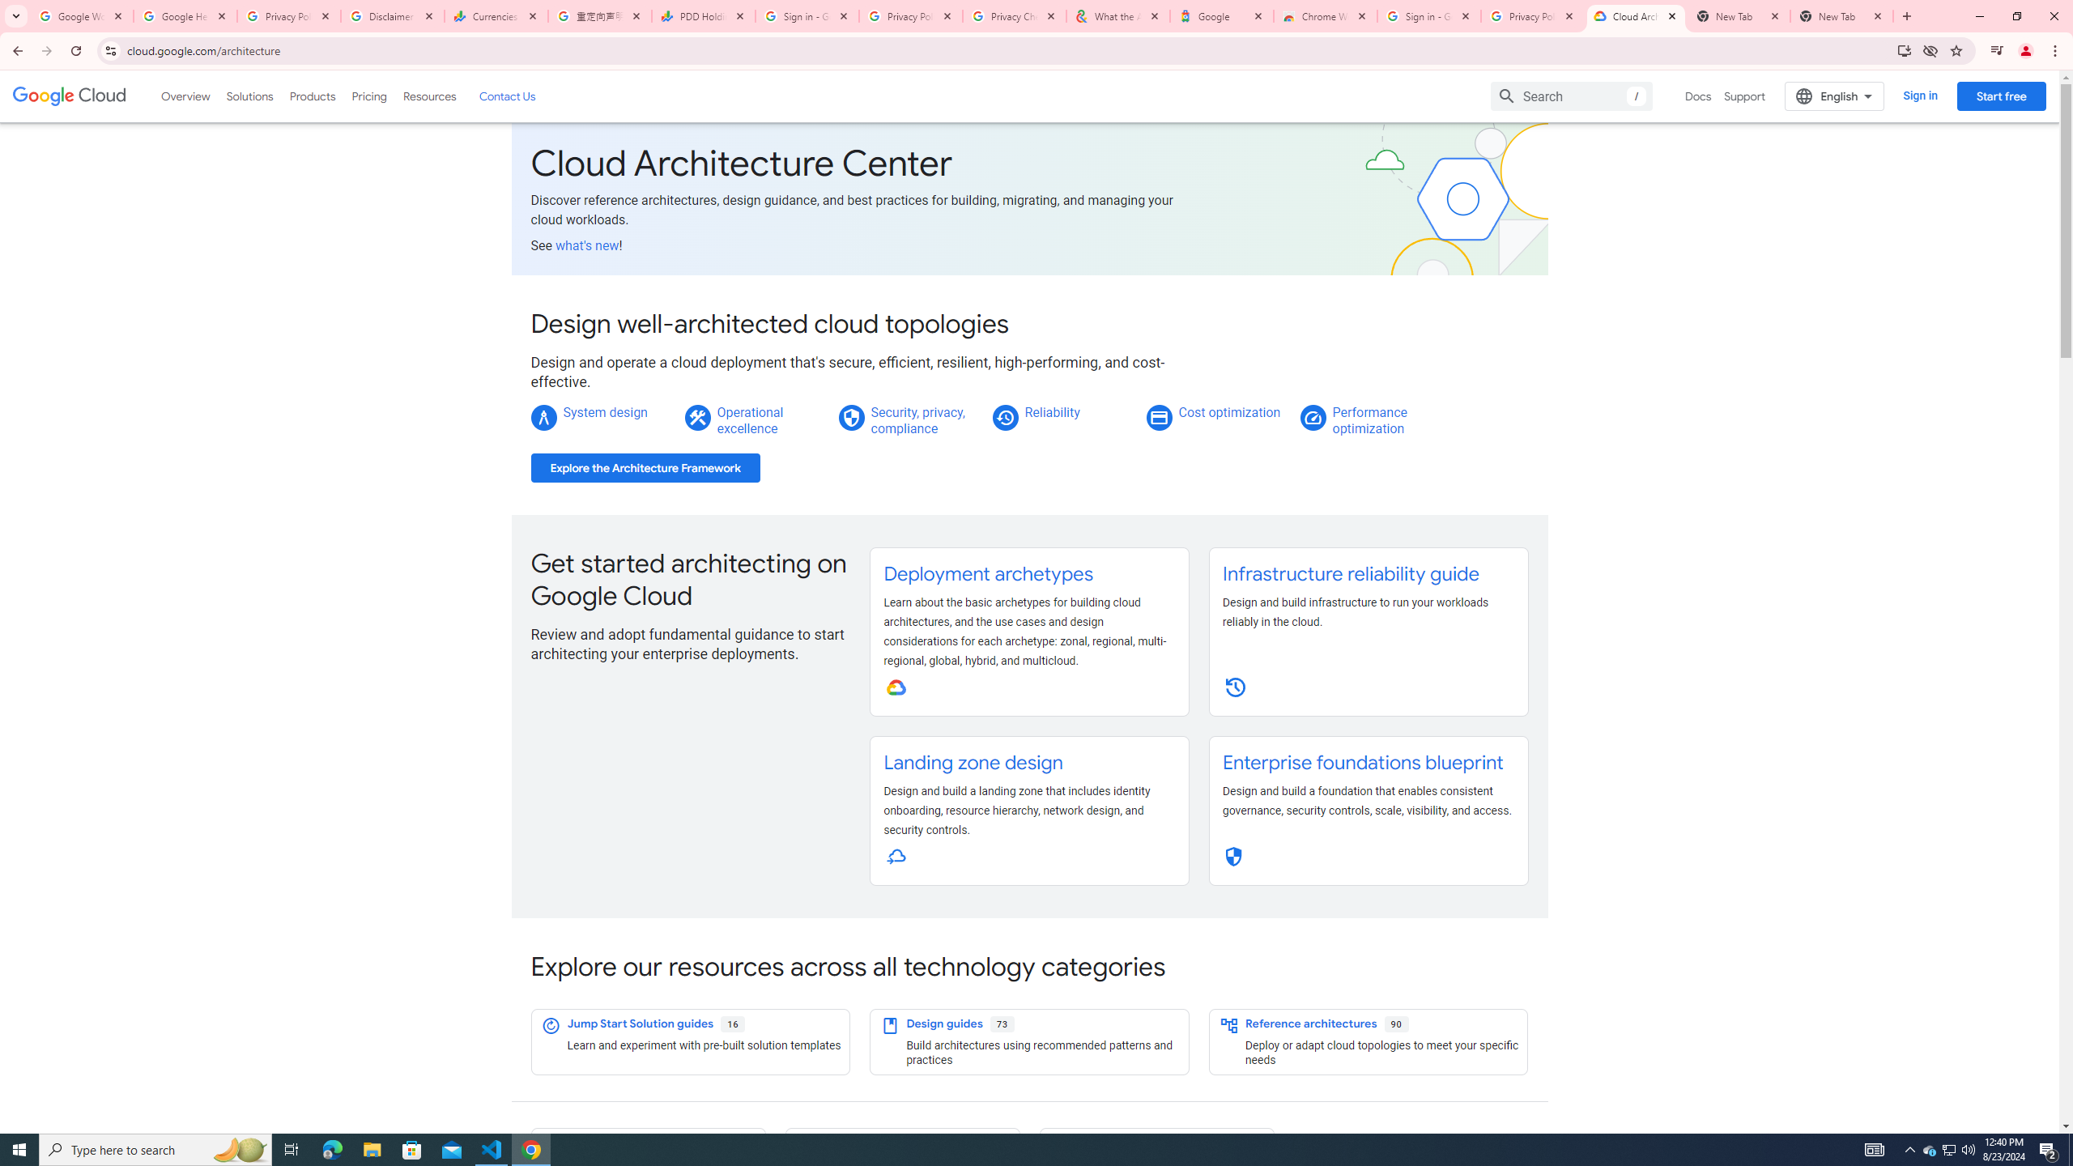  I want to click on 'Cost optimization', so click(1228, 412).